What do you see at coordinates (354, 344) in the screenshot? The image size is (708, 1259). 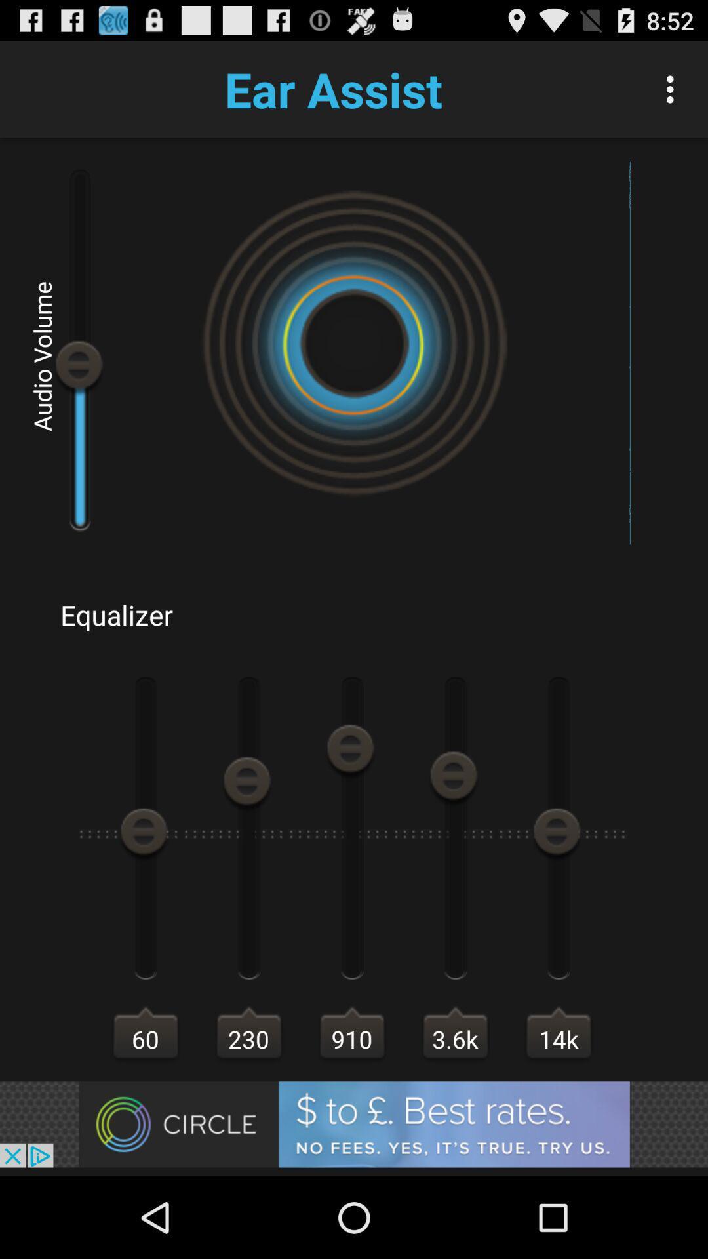 I see `the symbol at the center of the page` at bounding box center [354, 344].